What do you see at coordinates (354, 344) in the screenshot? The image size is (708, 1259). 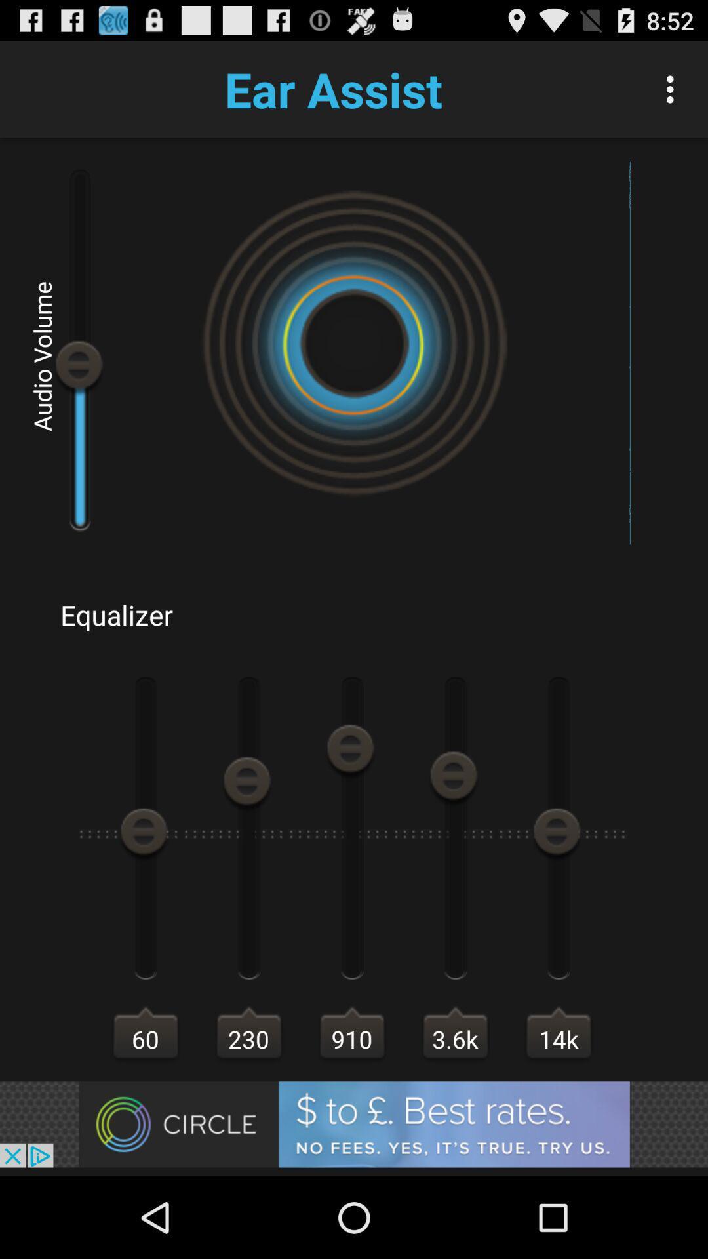 I see `the symbol at the center of the page` at bounding box center [354, 344].